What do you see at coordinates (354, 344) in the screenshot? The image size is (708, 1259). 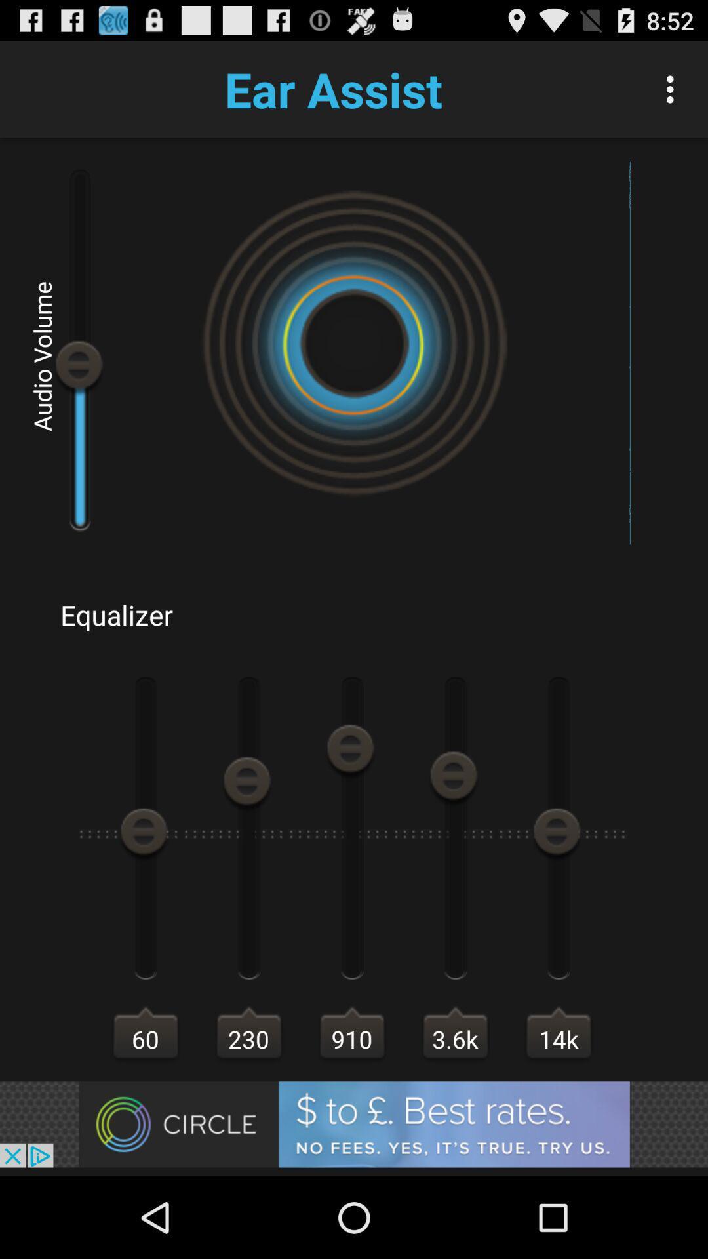 I see `the symbol at the center of the page` at bounding box center [354, 344].